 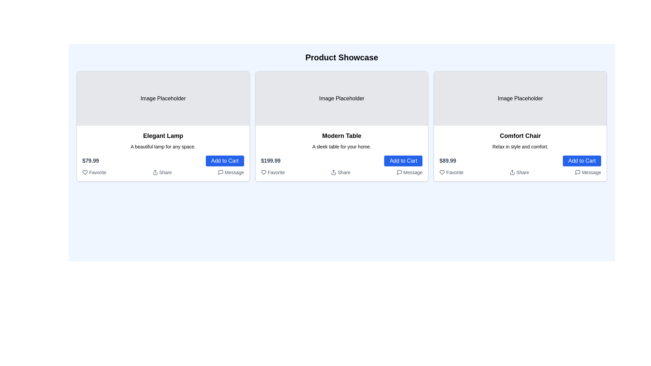 What do you see at coordinates (163, 136) in the screenshot?
I see `the 'Elegant Lamp' text label, which is located in the central product card below the image placeholder and above the description text` at bounding box center [163, 136].